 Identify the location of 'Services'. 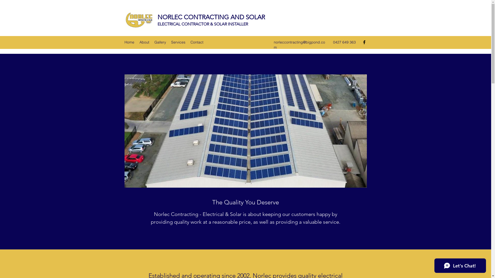
(178, 42).